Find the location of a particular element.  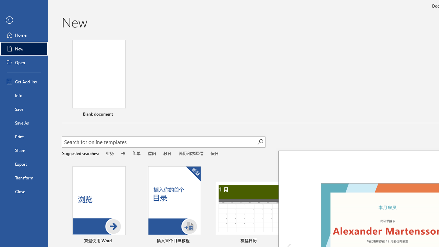

'Save As' is located at coordinates (24, 122).